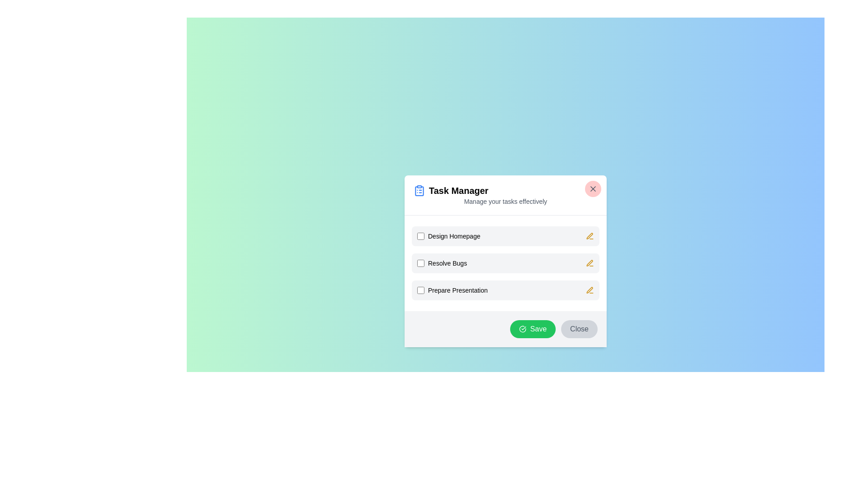 Image resolution: width=866 pixels, height=487 pixels. Describe the element at coordinates (579, 329) in the screenshot. I see `the rounded rectangular button with gray background and 'Close' text to observe hover effects` at that location.